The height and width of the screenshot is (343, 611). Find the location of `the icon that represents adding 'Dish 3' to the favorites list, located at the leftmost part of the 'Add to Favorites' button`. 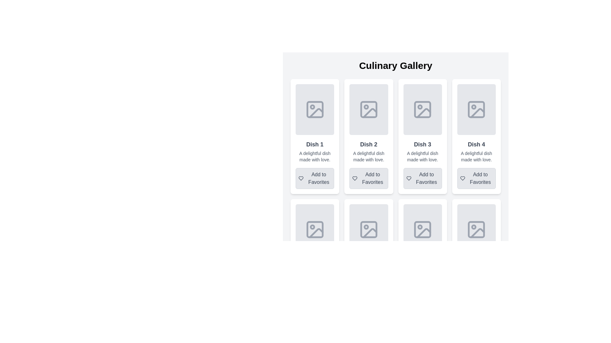

the icon that represents adding 'Dish 3' to the favorites list, located at the leftmost part of the 'Add to Favorites' button is located at coordinates (409, 178).